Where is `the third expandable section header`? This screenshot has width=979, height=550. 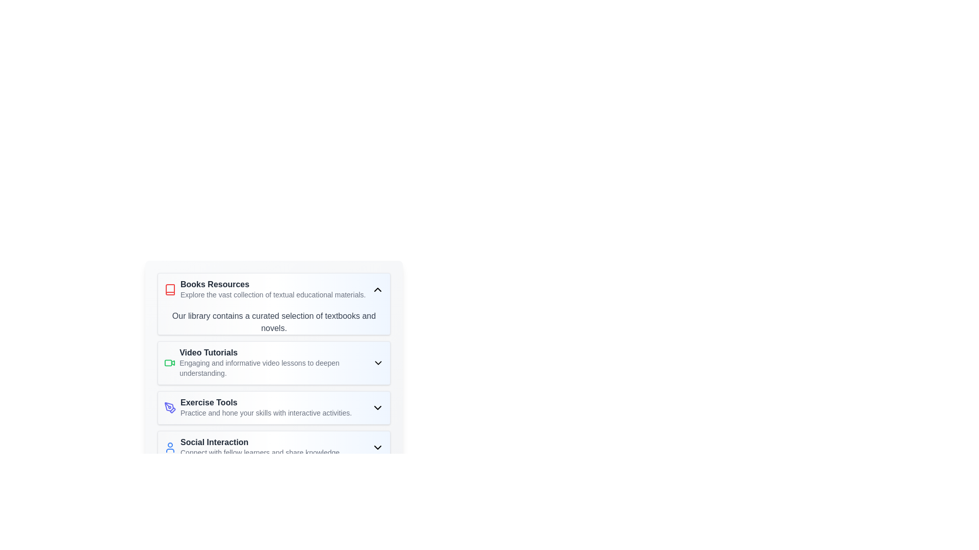
the third expandable section header is located at coordinates (274, 407).